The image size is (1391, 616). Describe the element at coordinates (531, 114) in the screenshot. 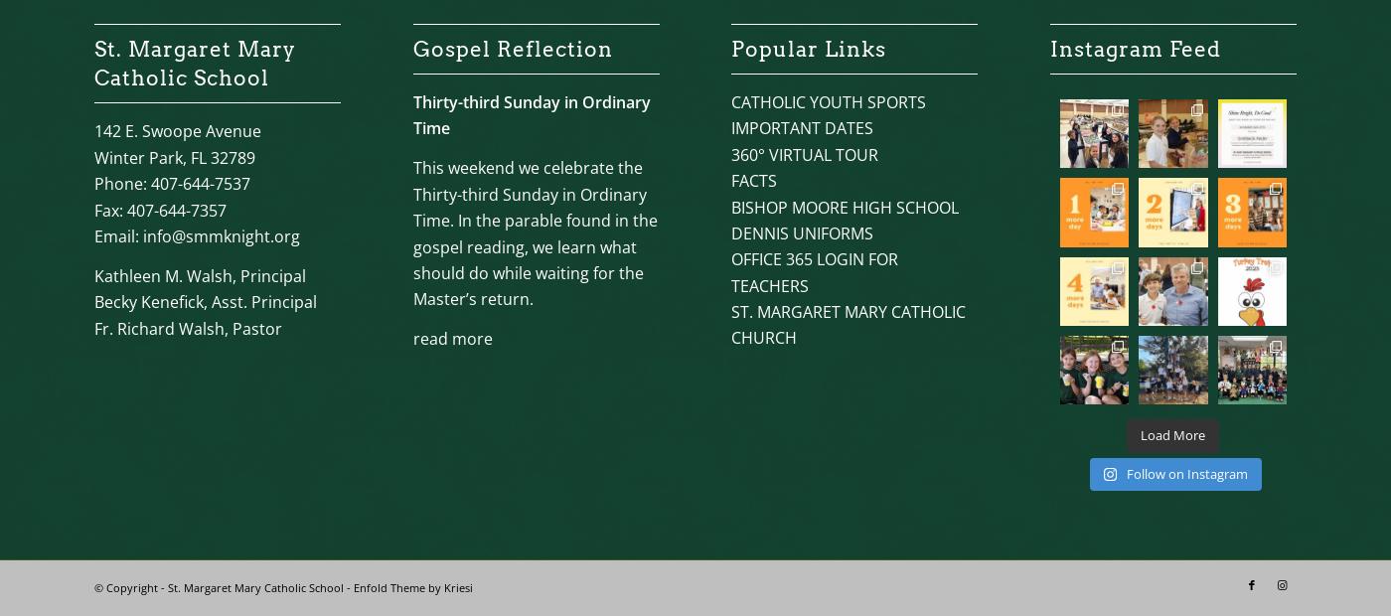

I see `'Thirty-third Sunday in Ordinary Time'` at that location.